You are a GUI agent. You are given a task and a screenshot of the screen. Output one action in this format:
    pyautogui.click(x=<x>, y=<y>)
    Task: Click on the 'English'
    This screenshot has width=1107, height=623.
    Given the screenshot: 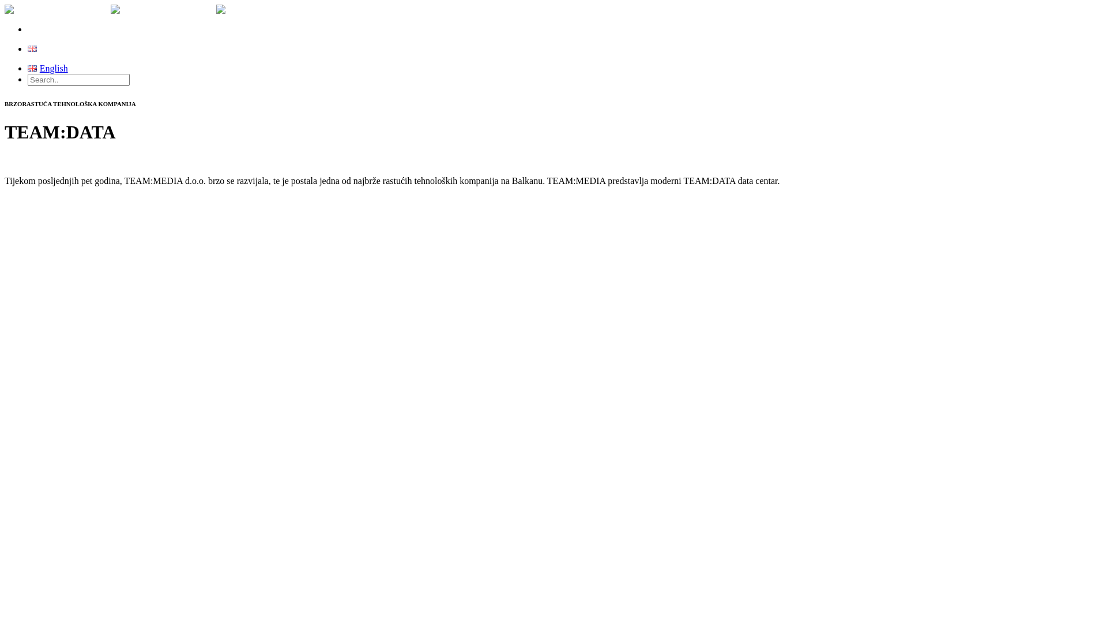 What is the action you would take?
    pyautogui.click(x=47, y=68)
    